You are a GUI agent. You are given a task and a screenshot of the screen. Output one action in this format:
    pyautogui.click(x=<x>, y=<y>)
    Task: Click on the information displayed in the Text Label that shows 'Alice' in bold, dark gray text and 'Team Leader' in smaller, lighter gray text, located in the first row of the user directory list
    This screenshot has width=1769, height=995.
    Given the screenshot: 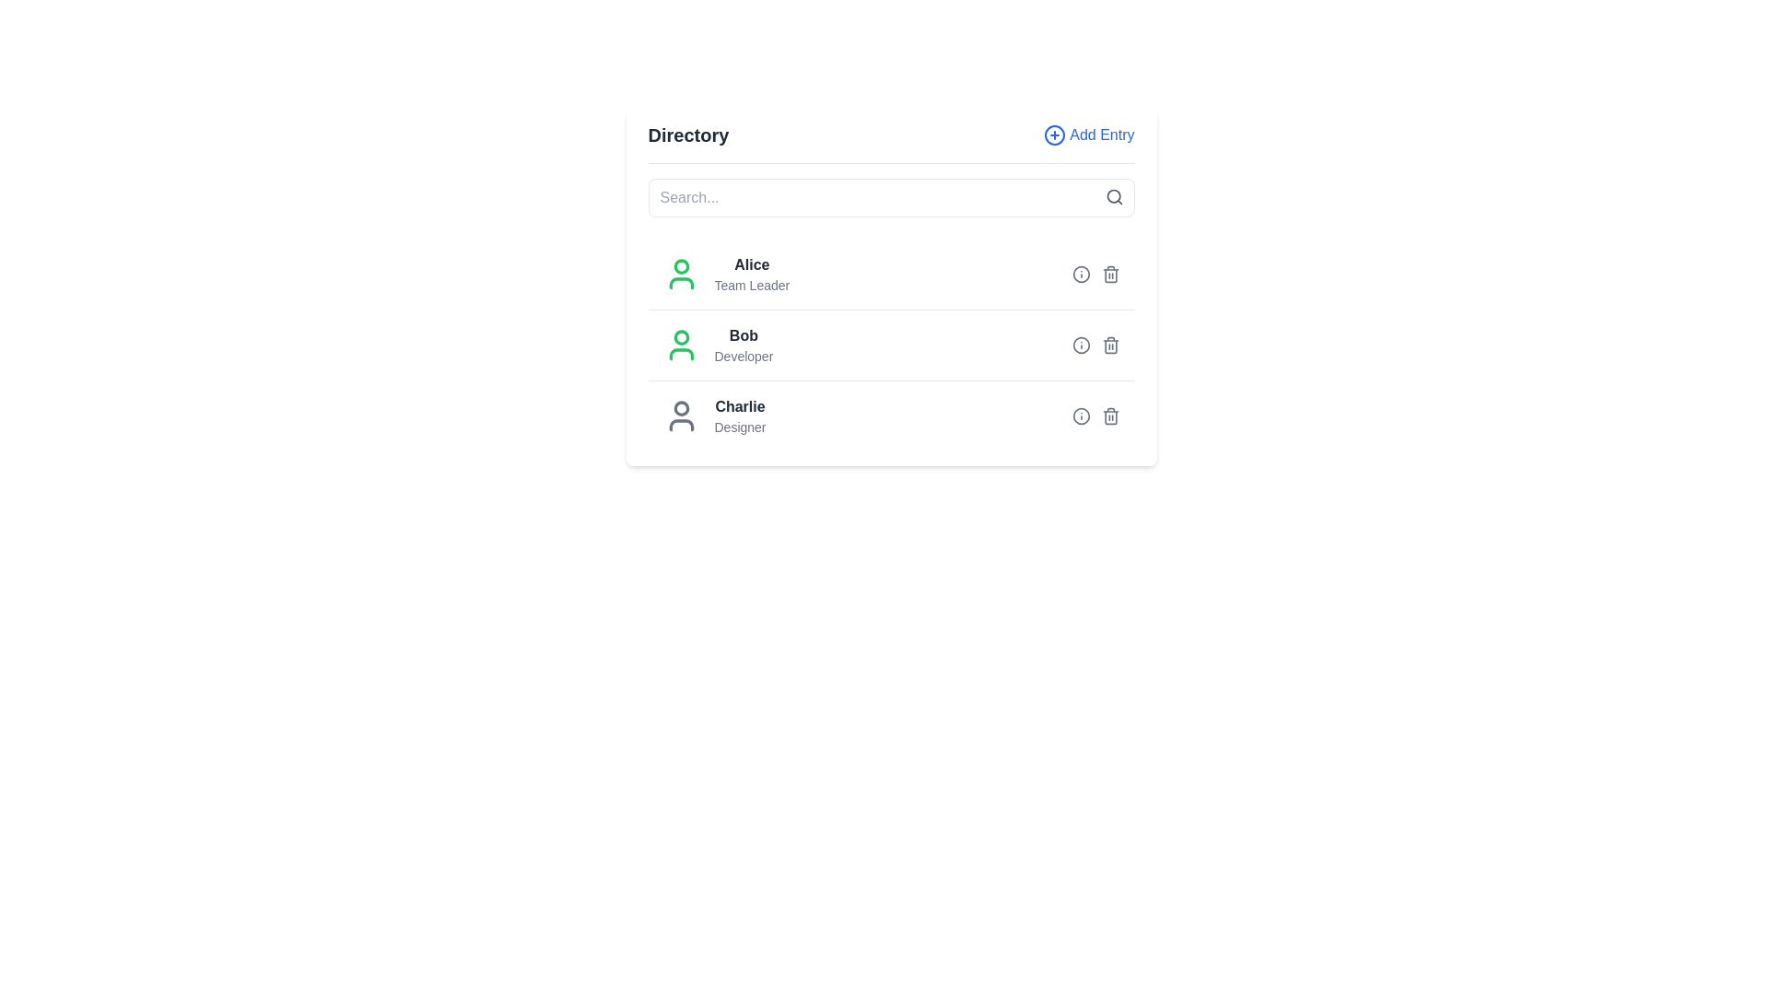 What is the action you would take?
    pyautogui.click(x=725, y=274)
    